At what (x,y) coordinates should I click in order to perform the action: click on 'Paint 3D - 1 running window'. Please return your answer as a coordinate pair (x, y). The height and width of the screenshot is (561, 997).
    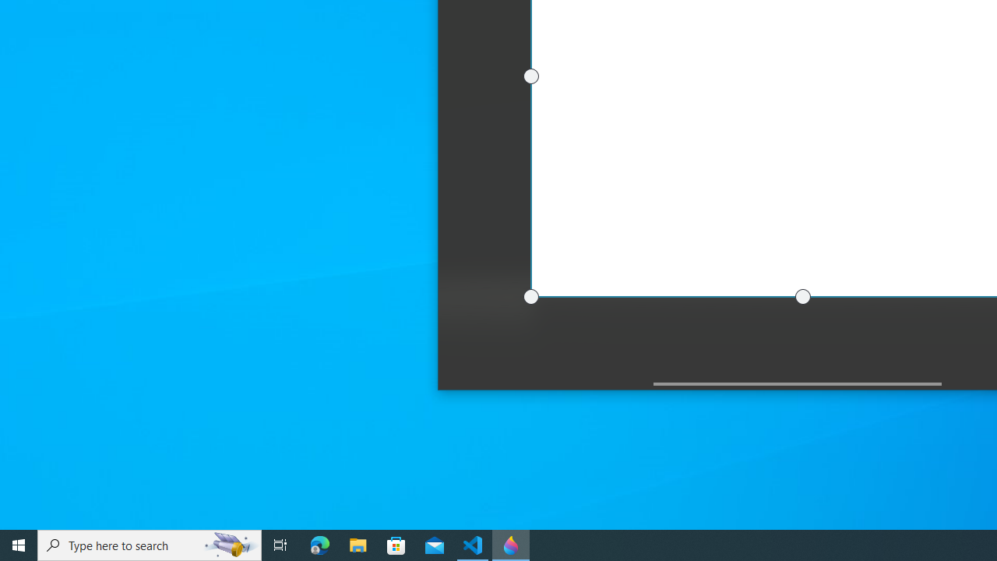
    Looking at the image, I should click on (511, 544).